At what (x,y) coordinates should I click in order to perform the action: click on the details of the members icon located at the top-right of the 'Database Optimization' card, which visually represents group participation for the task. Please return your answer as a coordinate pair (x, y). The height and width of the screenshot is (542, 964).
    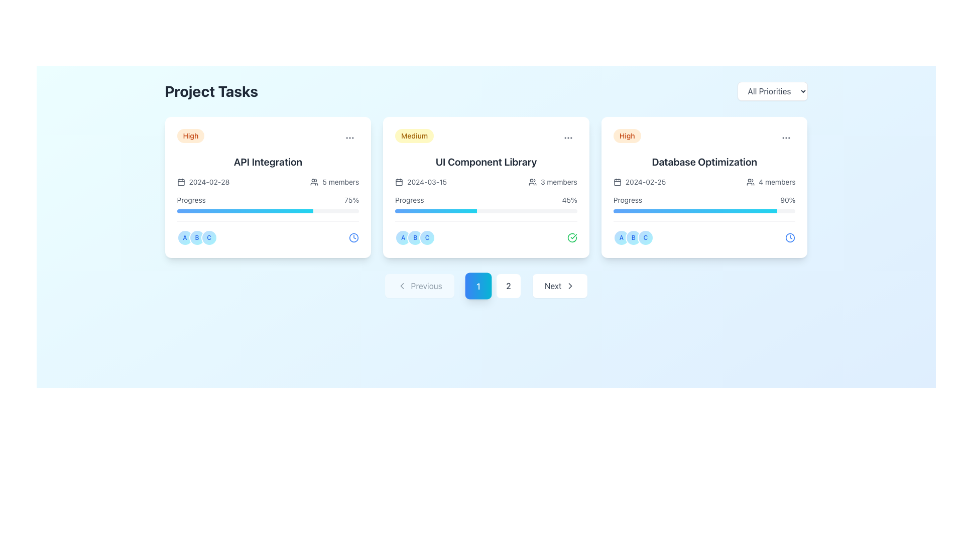
    Looking at the image, I should click on (751, 182).